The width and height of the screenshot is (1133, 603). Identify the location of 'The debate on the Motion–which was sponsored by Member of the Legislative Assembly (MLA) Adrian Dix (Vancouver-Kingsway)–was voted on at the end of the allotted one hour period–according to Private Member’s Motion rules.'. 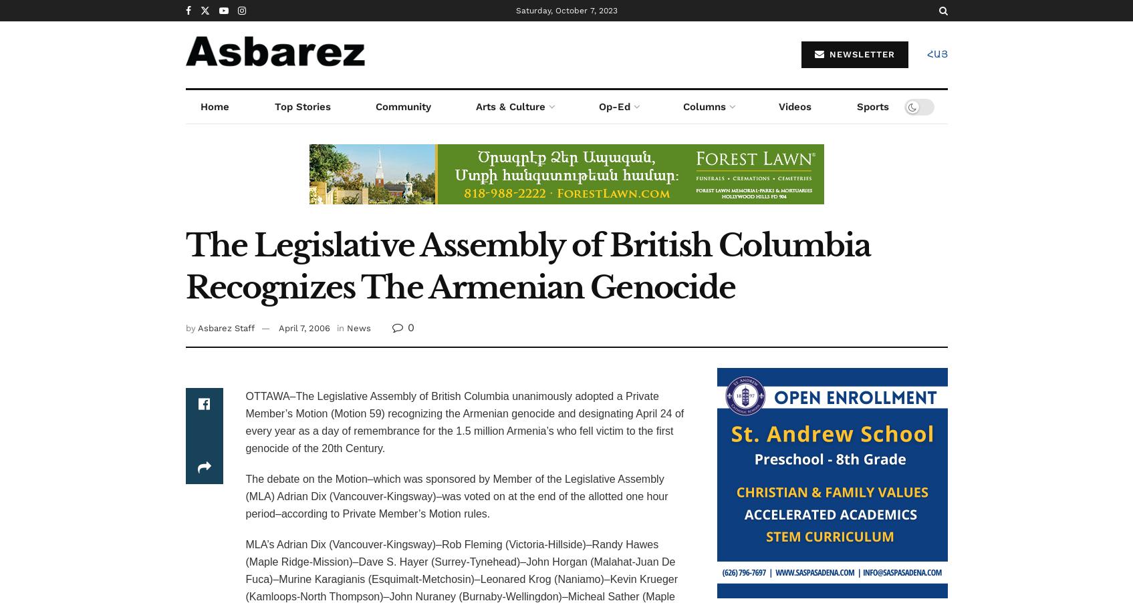
(456, 495).